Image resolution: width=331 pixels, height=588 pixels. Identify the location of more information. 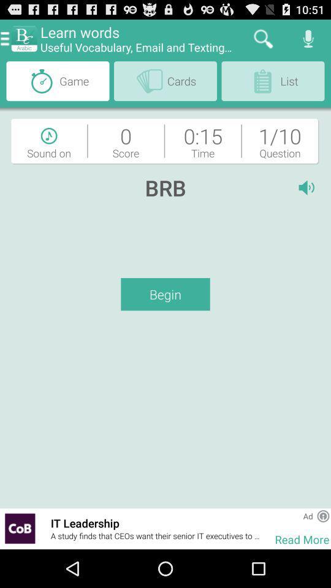
(323, 515).